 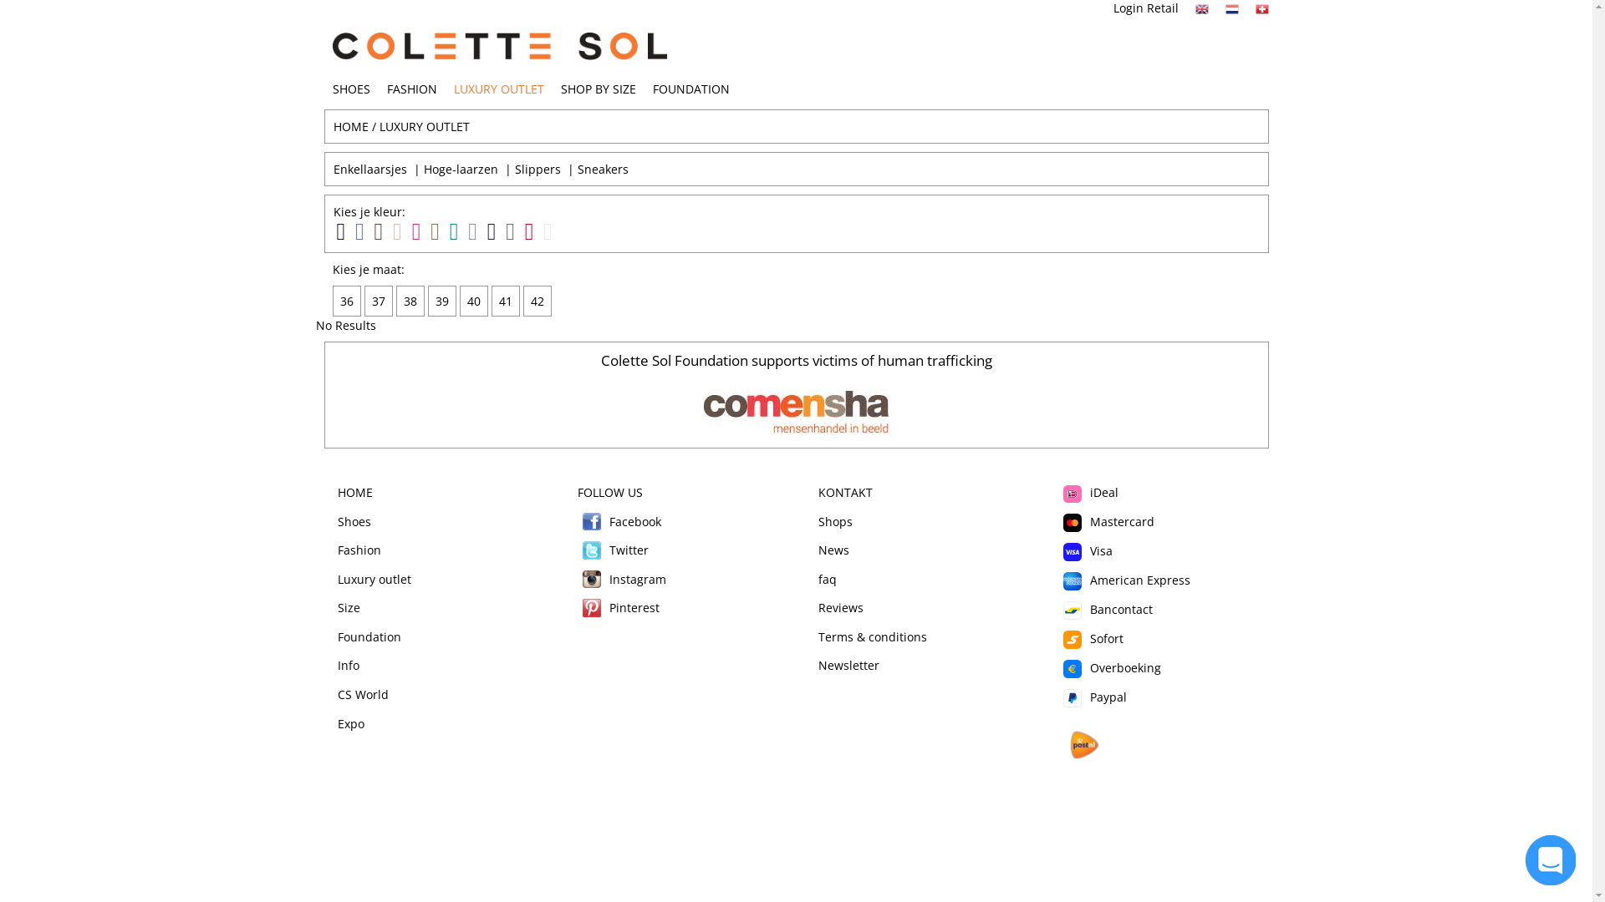 I want to click on ' Instagram', so click(x=621, y=578).